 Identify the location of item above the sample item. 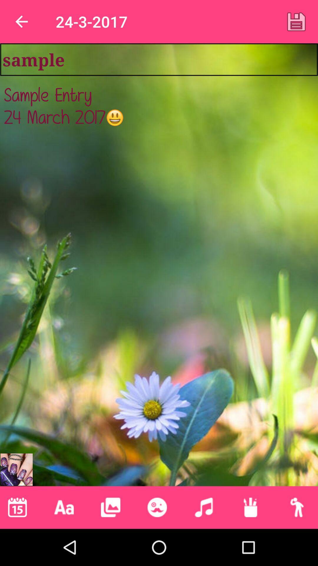
(21, 22).